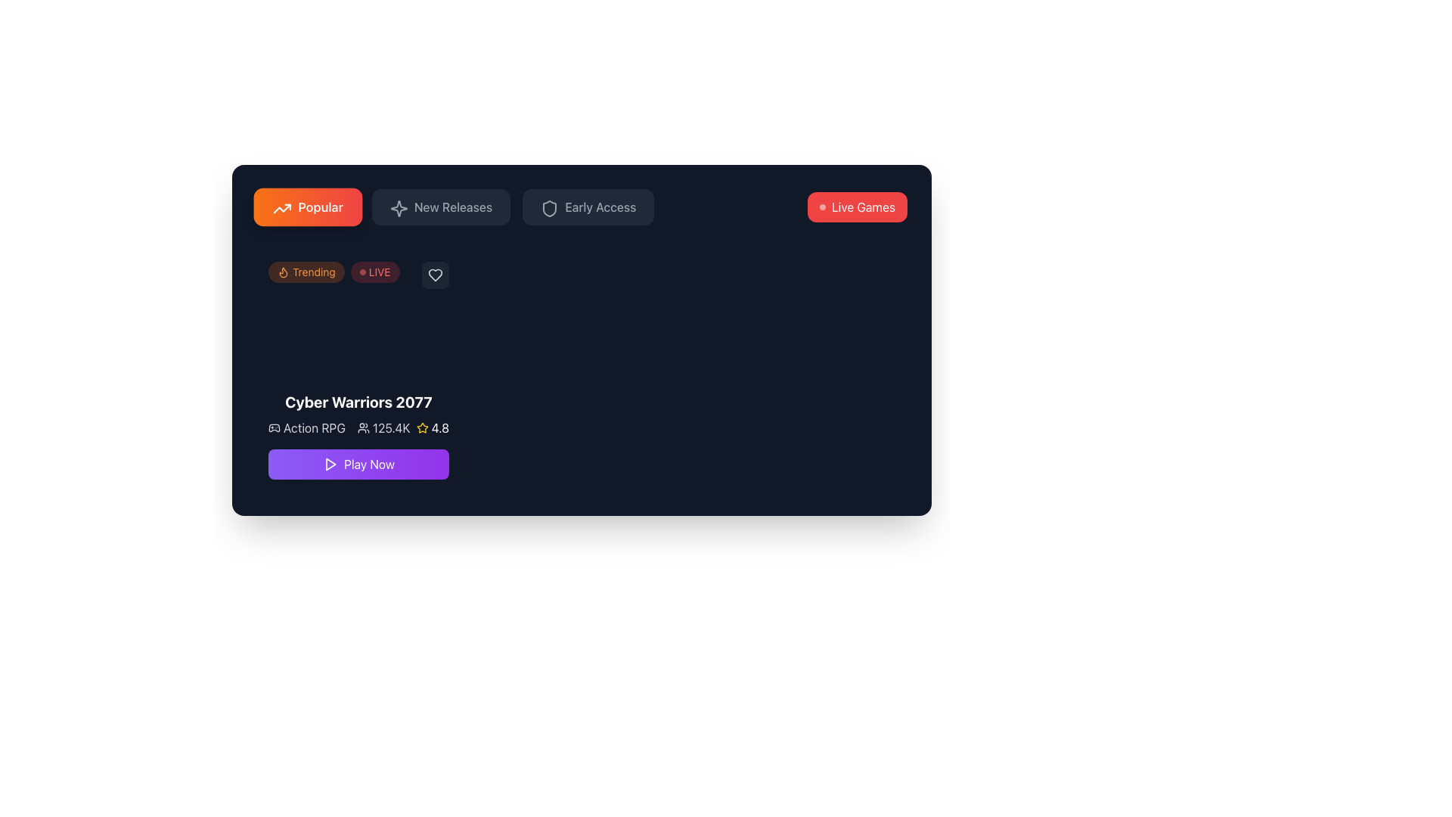 The height and width of the screenshot is (817, 1452). I want to click on the 'Popular' button, which is the first button in a group with a gradient background from orange to red and an upward trending arrow icon, so click(307, 207).